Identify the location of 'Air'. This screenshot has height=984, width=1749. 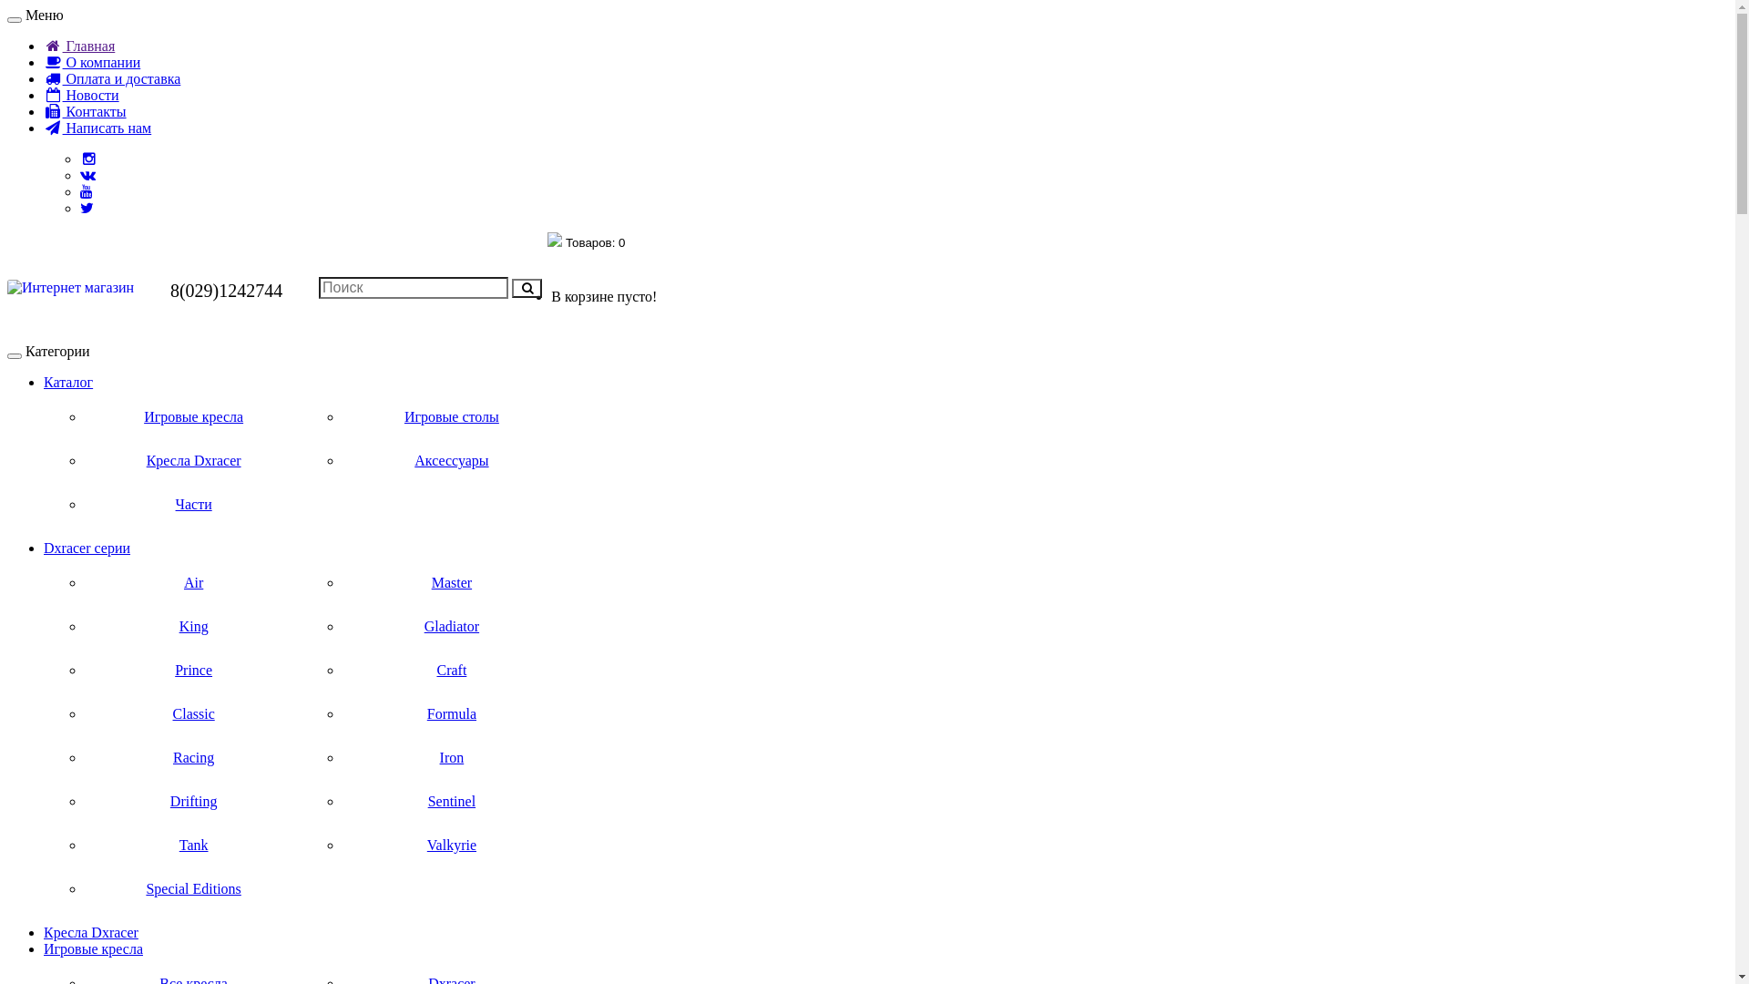
(193, 583).